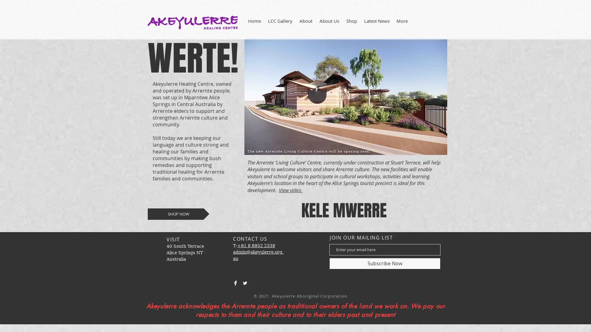 Image resolution: width=591 pixels, height=332 pixels. What do you see at coordinates (384, 263) in the screenshot?
I see `Subscribe Now` at bounding box center [384, 263].